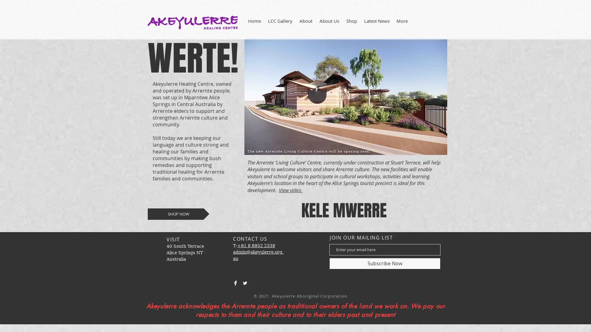 Image resolution: width=591 pixels, height=332 pixels. What do you see at coordinates (384, 263) in the screenshot?
I see `Subscribe Now` at bounding box center [384, 263].